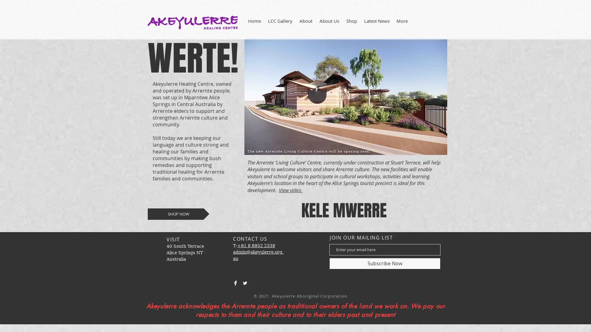 Image resolution: width=591 pixels, height=332 pixels. What do you see at coordinates (384, 263) in the screenshot?
I see `Subscribe Now` at bounding box center [384, 263].